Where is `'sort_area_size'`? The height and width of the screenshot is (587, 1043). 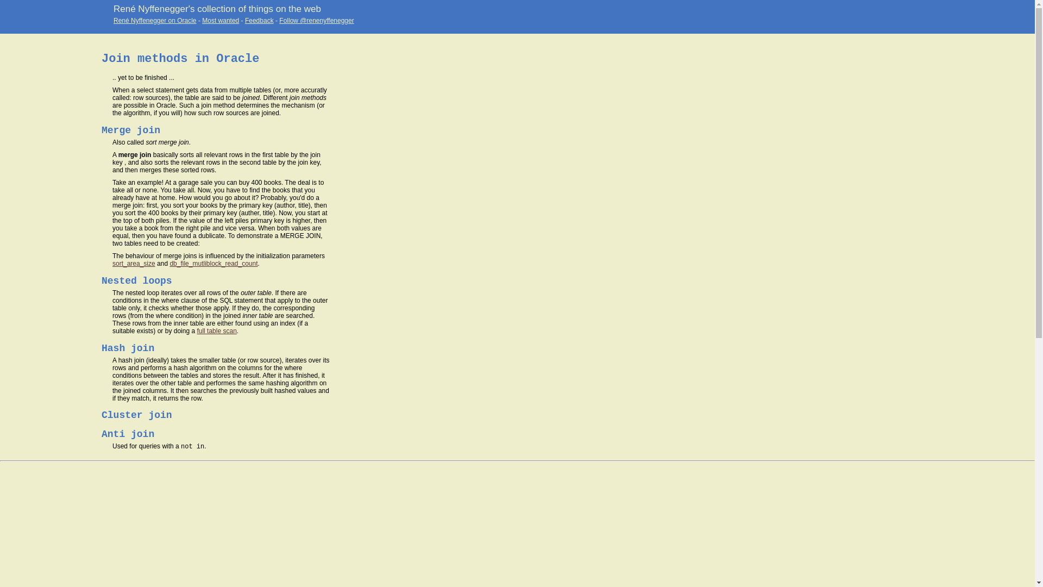
'sort_area_size' is located at coordinates (133, 264).